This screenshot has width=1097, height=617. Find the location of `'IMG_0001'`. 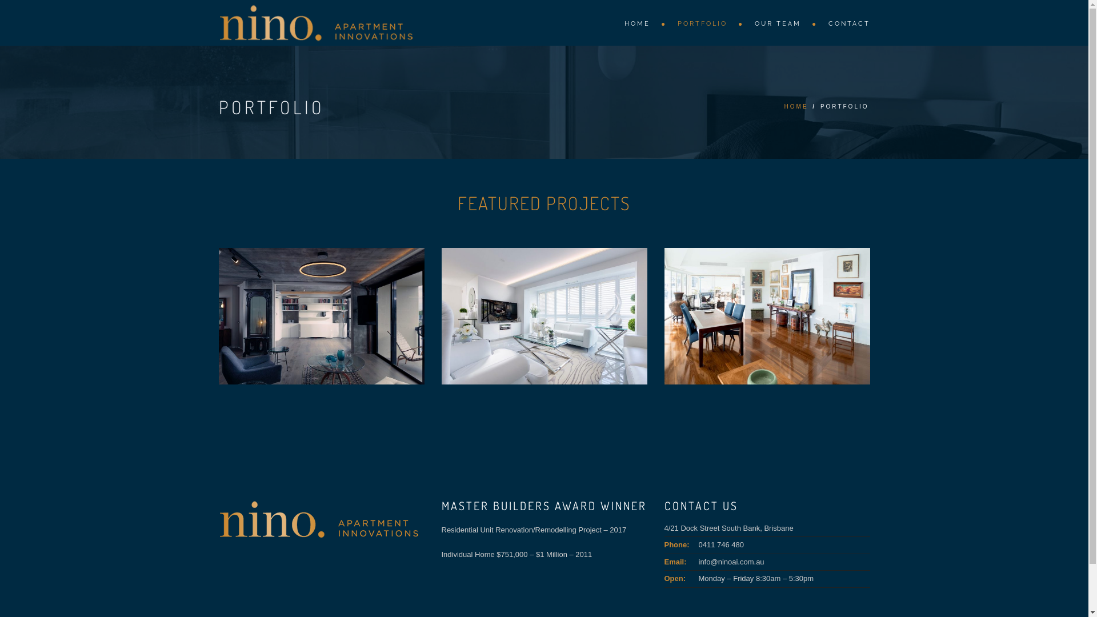

'IMG_0001' is located at coordinates (543, 316).